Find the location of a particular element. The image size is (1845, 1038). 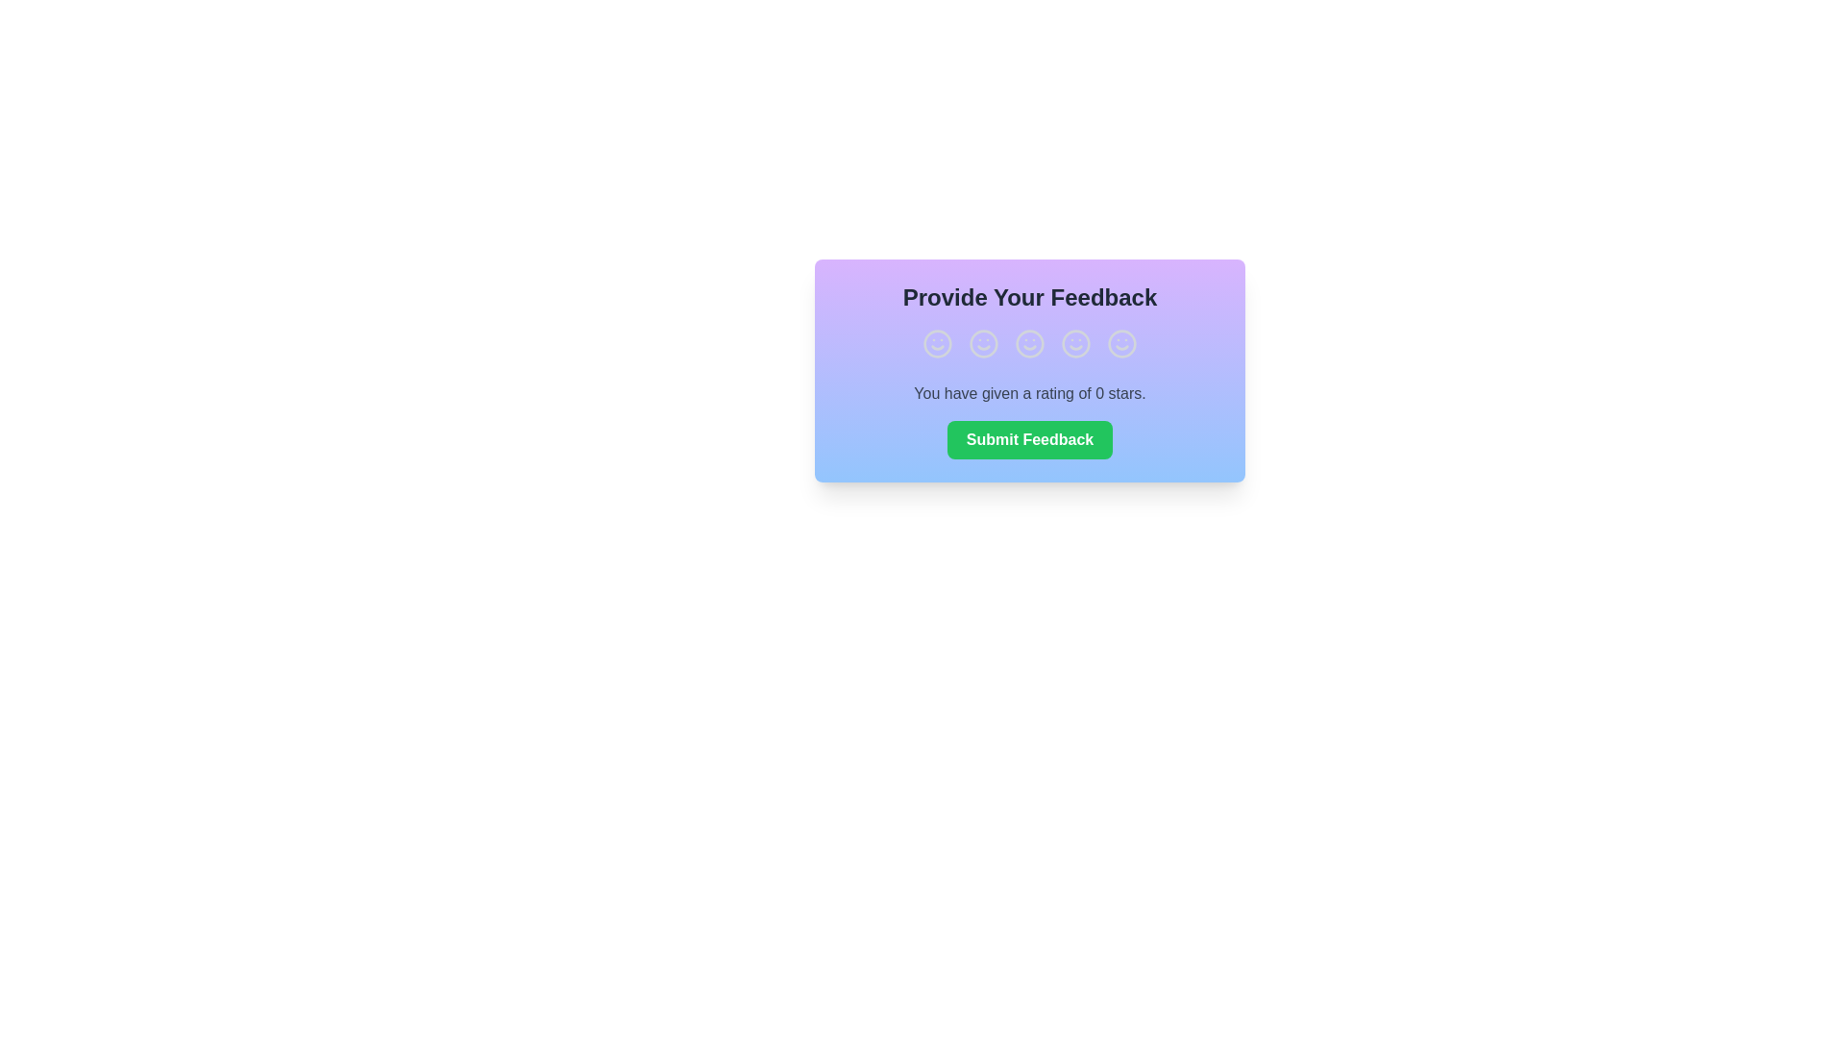

the smiley face corresponding to a rating of 5 is located at coordinates (1121, 343).